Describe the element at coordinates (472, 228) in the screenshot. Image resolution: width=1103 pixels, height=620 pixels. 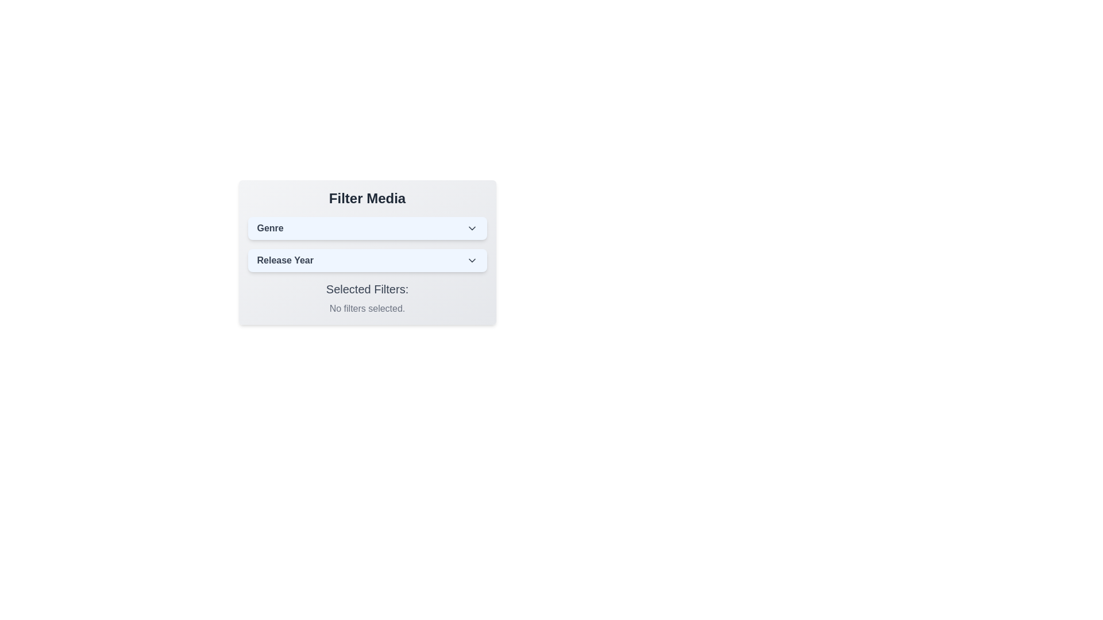
I see `the Dropdown toggle icon located at the far right of the 'Genre' button to provide visual feedback` at that location.